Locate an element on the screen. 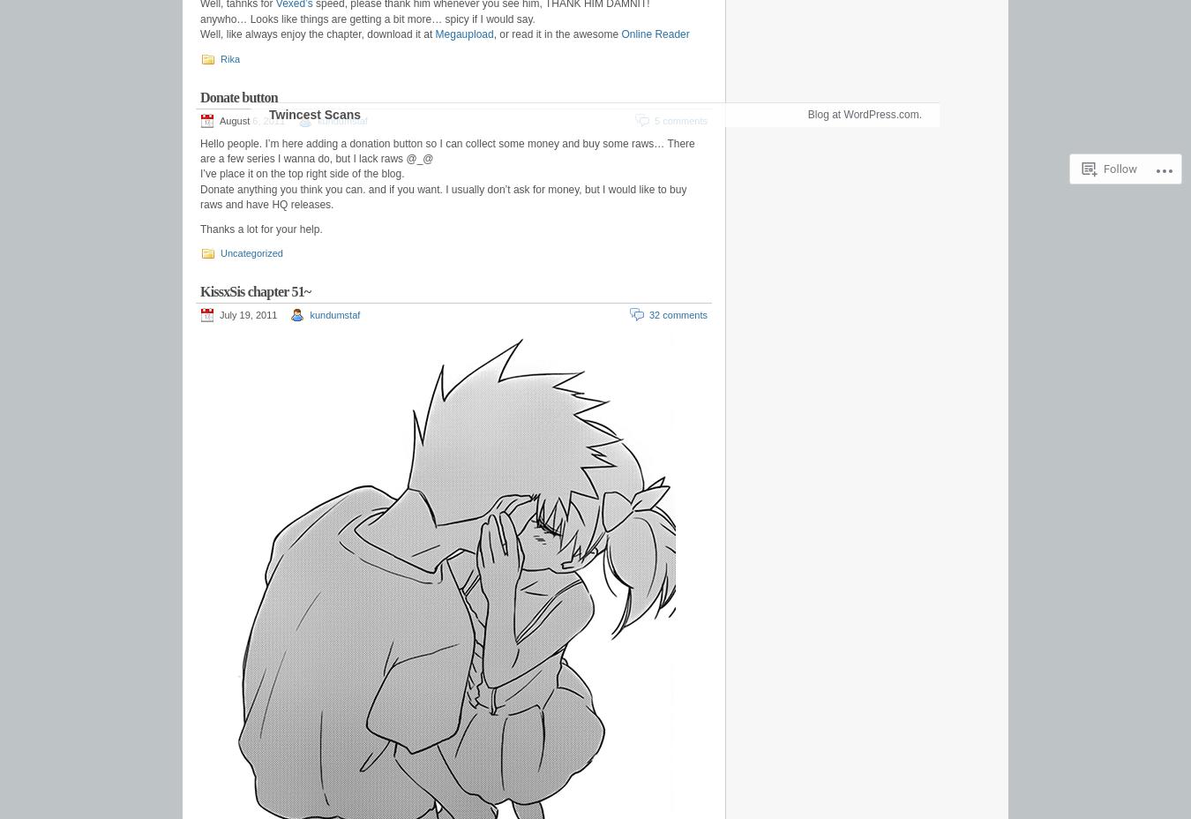 The height and width of the screenshot is (819, 1191). 'Twincest Scans' is located at coordinates (314, 159).